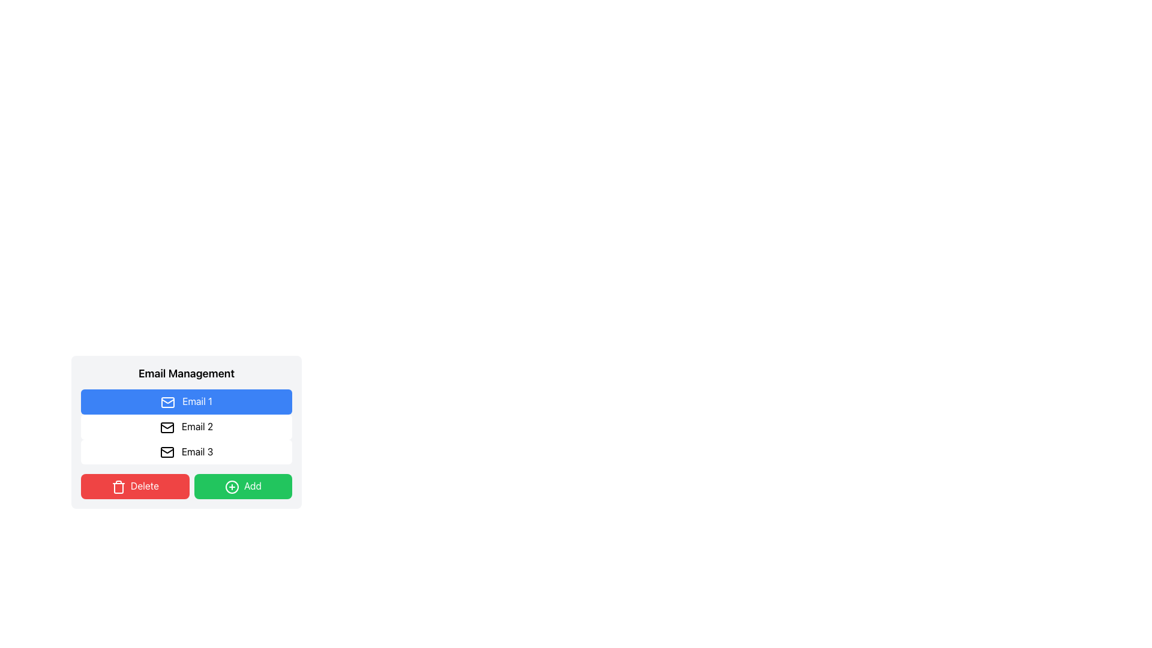 This screenshot has width=1152, height=648. I want to click on the 'Email 2' button to interact, so click(186, 425).